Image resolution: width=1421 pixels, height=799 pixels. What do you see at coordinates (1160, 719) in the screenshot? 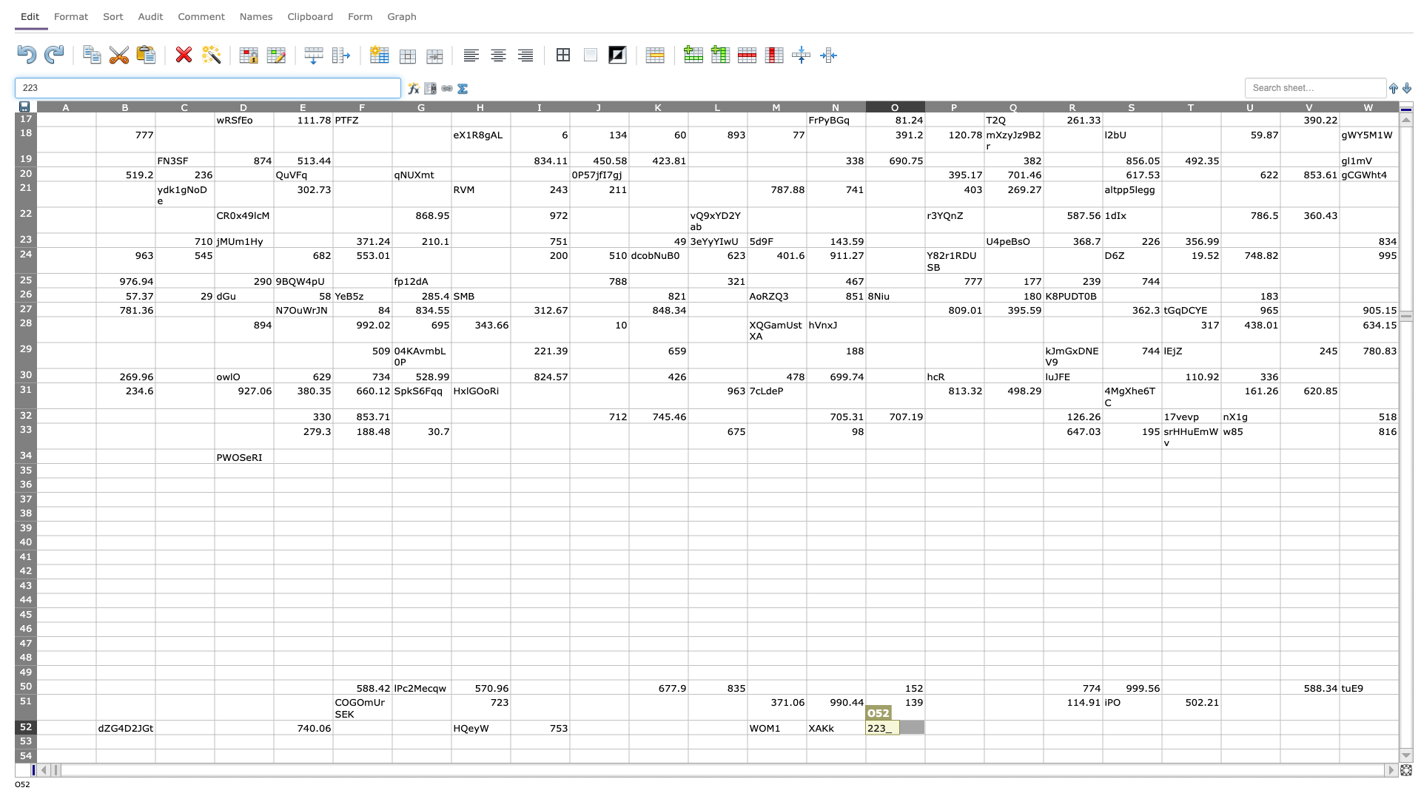
I see `Top left of cell T52` at bounding box center [1160, 719].